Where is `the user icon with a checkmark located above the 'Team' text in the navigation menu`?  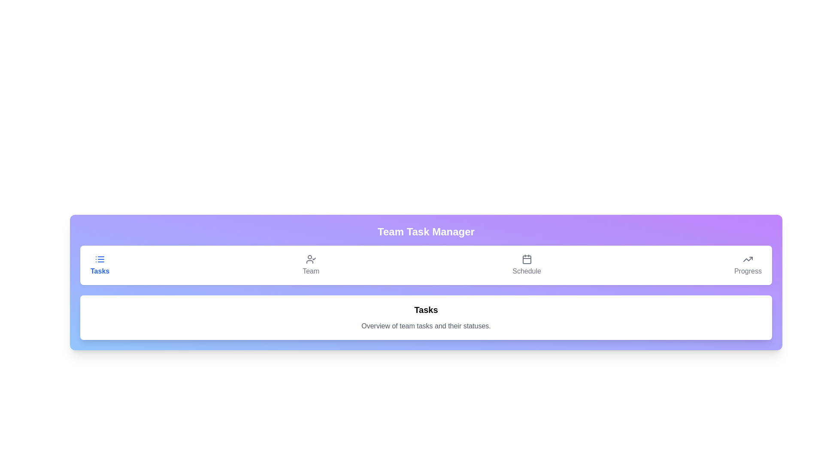
the user icon with a checkmark located above the 'Team' text in the navigation menu is located at coordinates (310, 259).